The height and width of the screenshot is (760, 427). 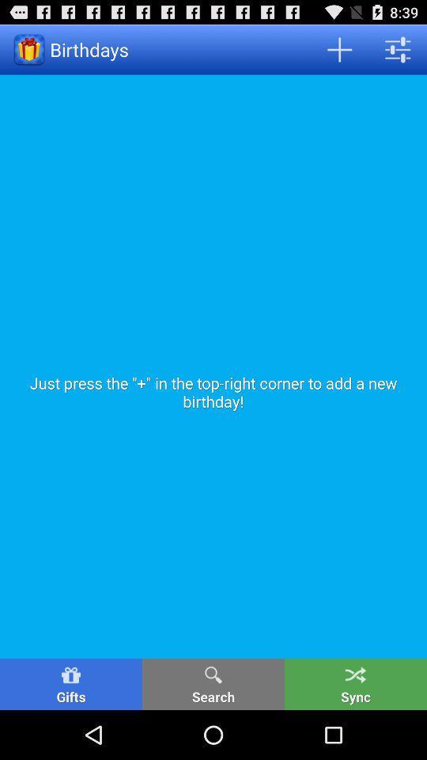 What do you see at coordinates (213, 683) in the screenshot?
I see `button to the right of the gifts` at bounding box center [213, 683].